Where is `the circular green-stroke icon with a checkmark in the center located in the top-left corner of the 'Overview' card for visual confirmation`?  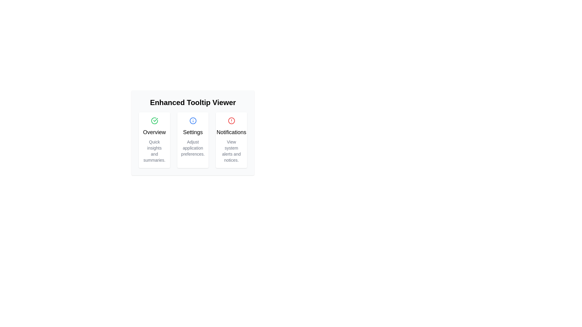 the circular green-stroke icon with a checkmark in the center located in the top-left corner of the 'Overview' card for visual confirmation is located at coordinates (154, 121).